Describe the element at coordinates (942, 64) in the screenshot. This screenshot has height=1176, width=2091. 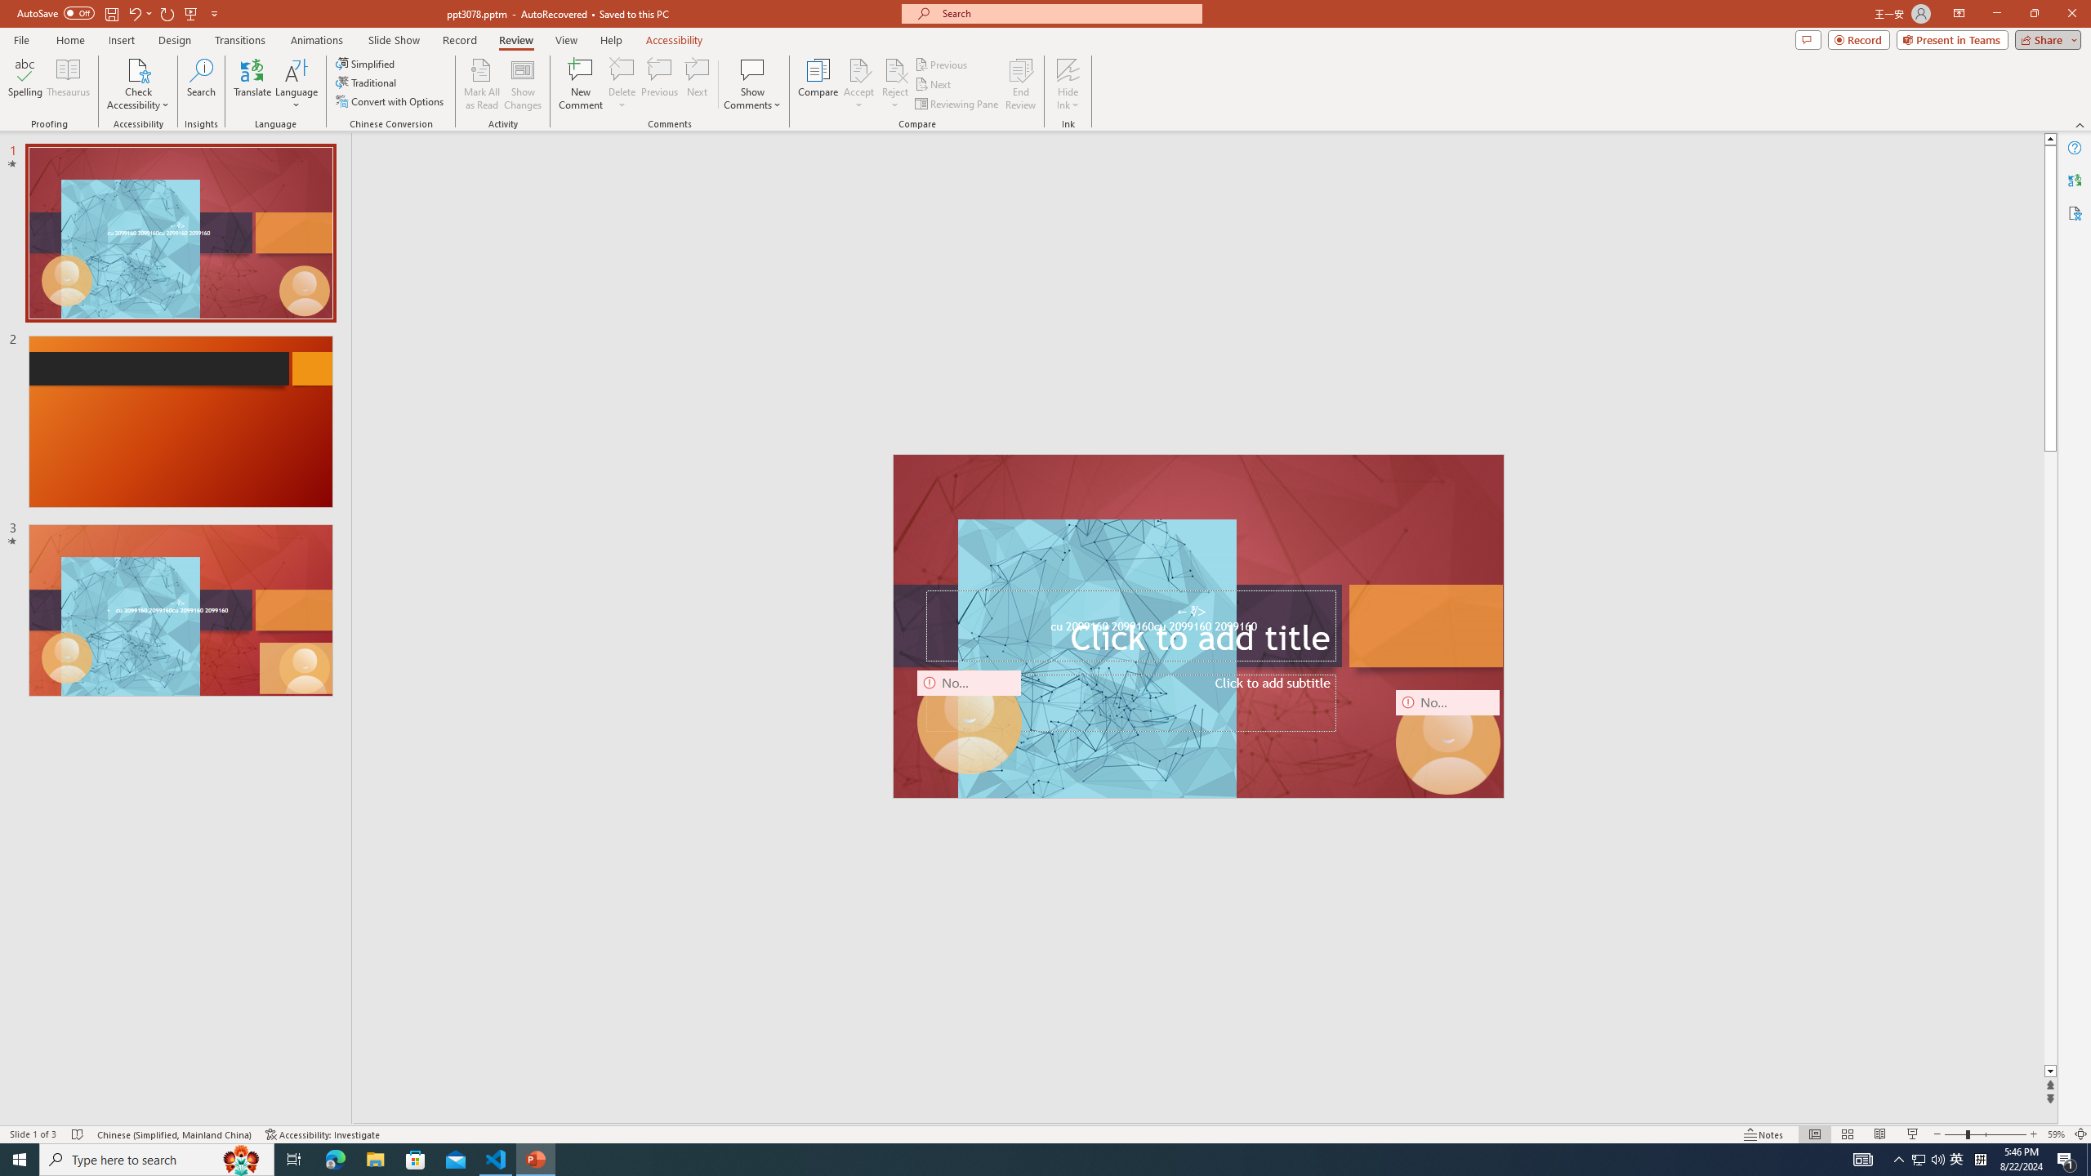
I see `'Previous'` at that location.